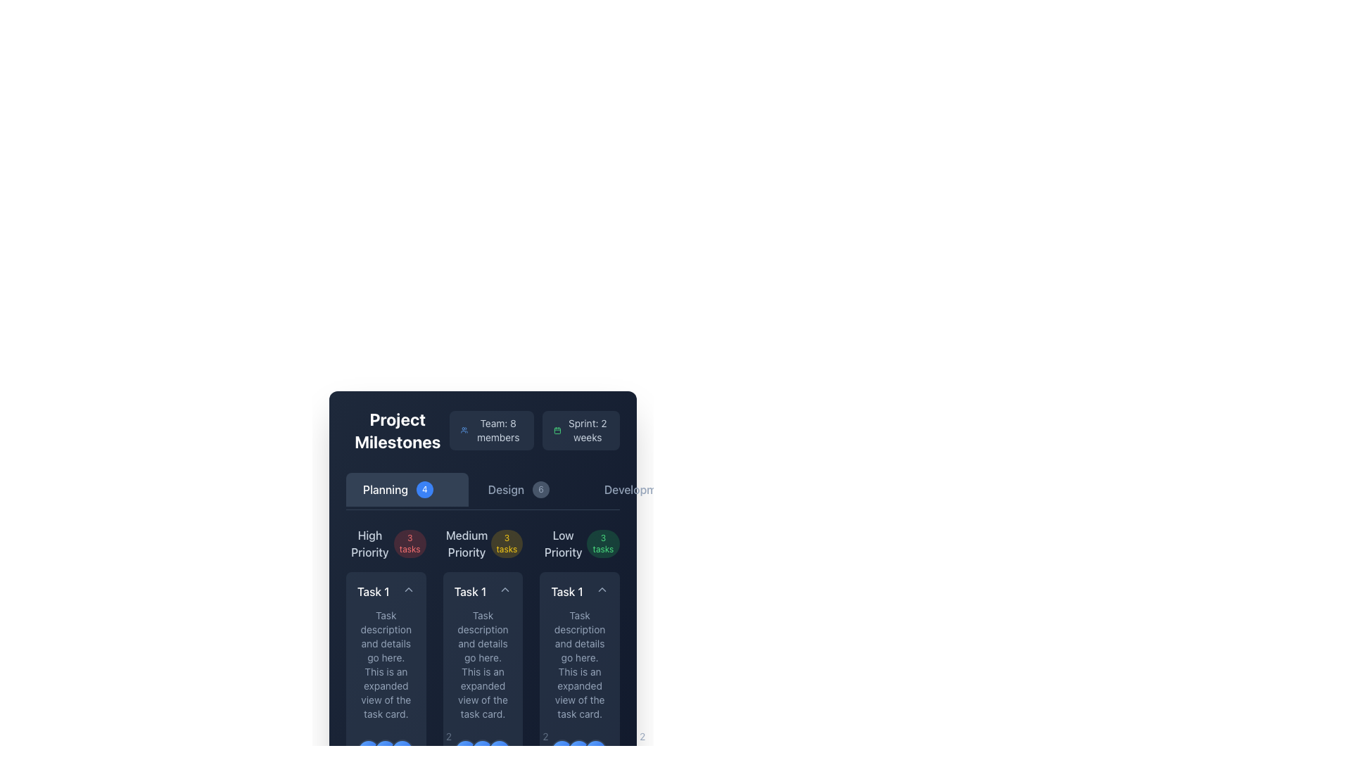  Describe the element at coordinates (524, 750) in the screenshot. I see `the small, circular clock icon located to the immediate left of the text '2 days left' in the task card` at that location.